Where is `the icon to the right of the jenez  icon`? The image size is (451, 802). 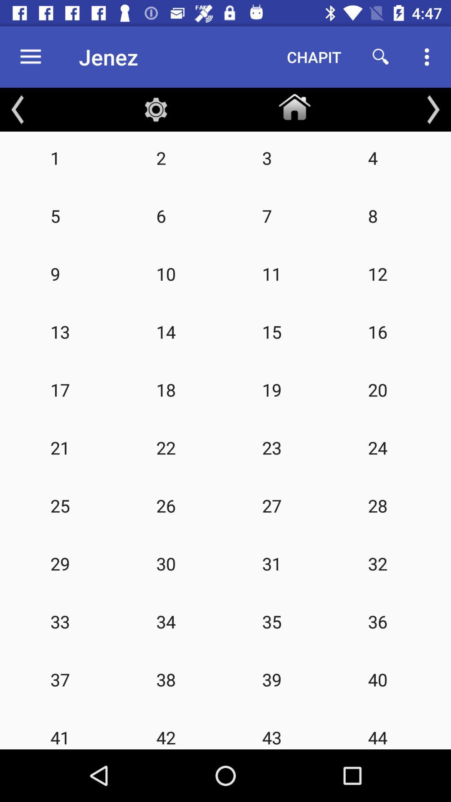 the icon to the right of the jenez  icon is located at coordinates (314, 56).